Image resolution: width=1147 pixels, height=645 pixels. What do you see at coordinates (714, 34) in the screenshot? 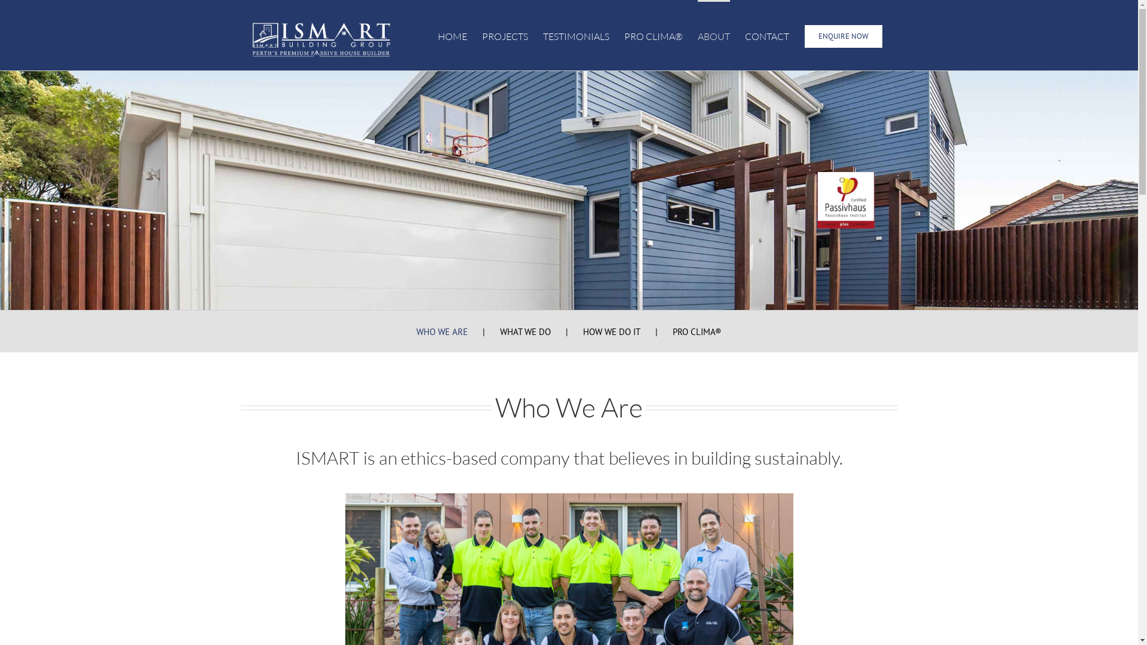
I see `'ABOUT'` at bounding box center [714, 34].